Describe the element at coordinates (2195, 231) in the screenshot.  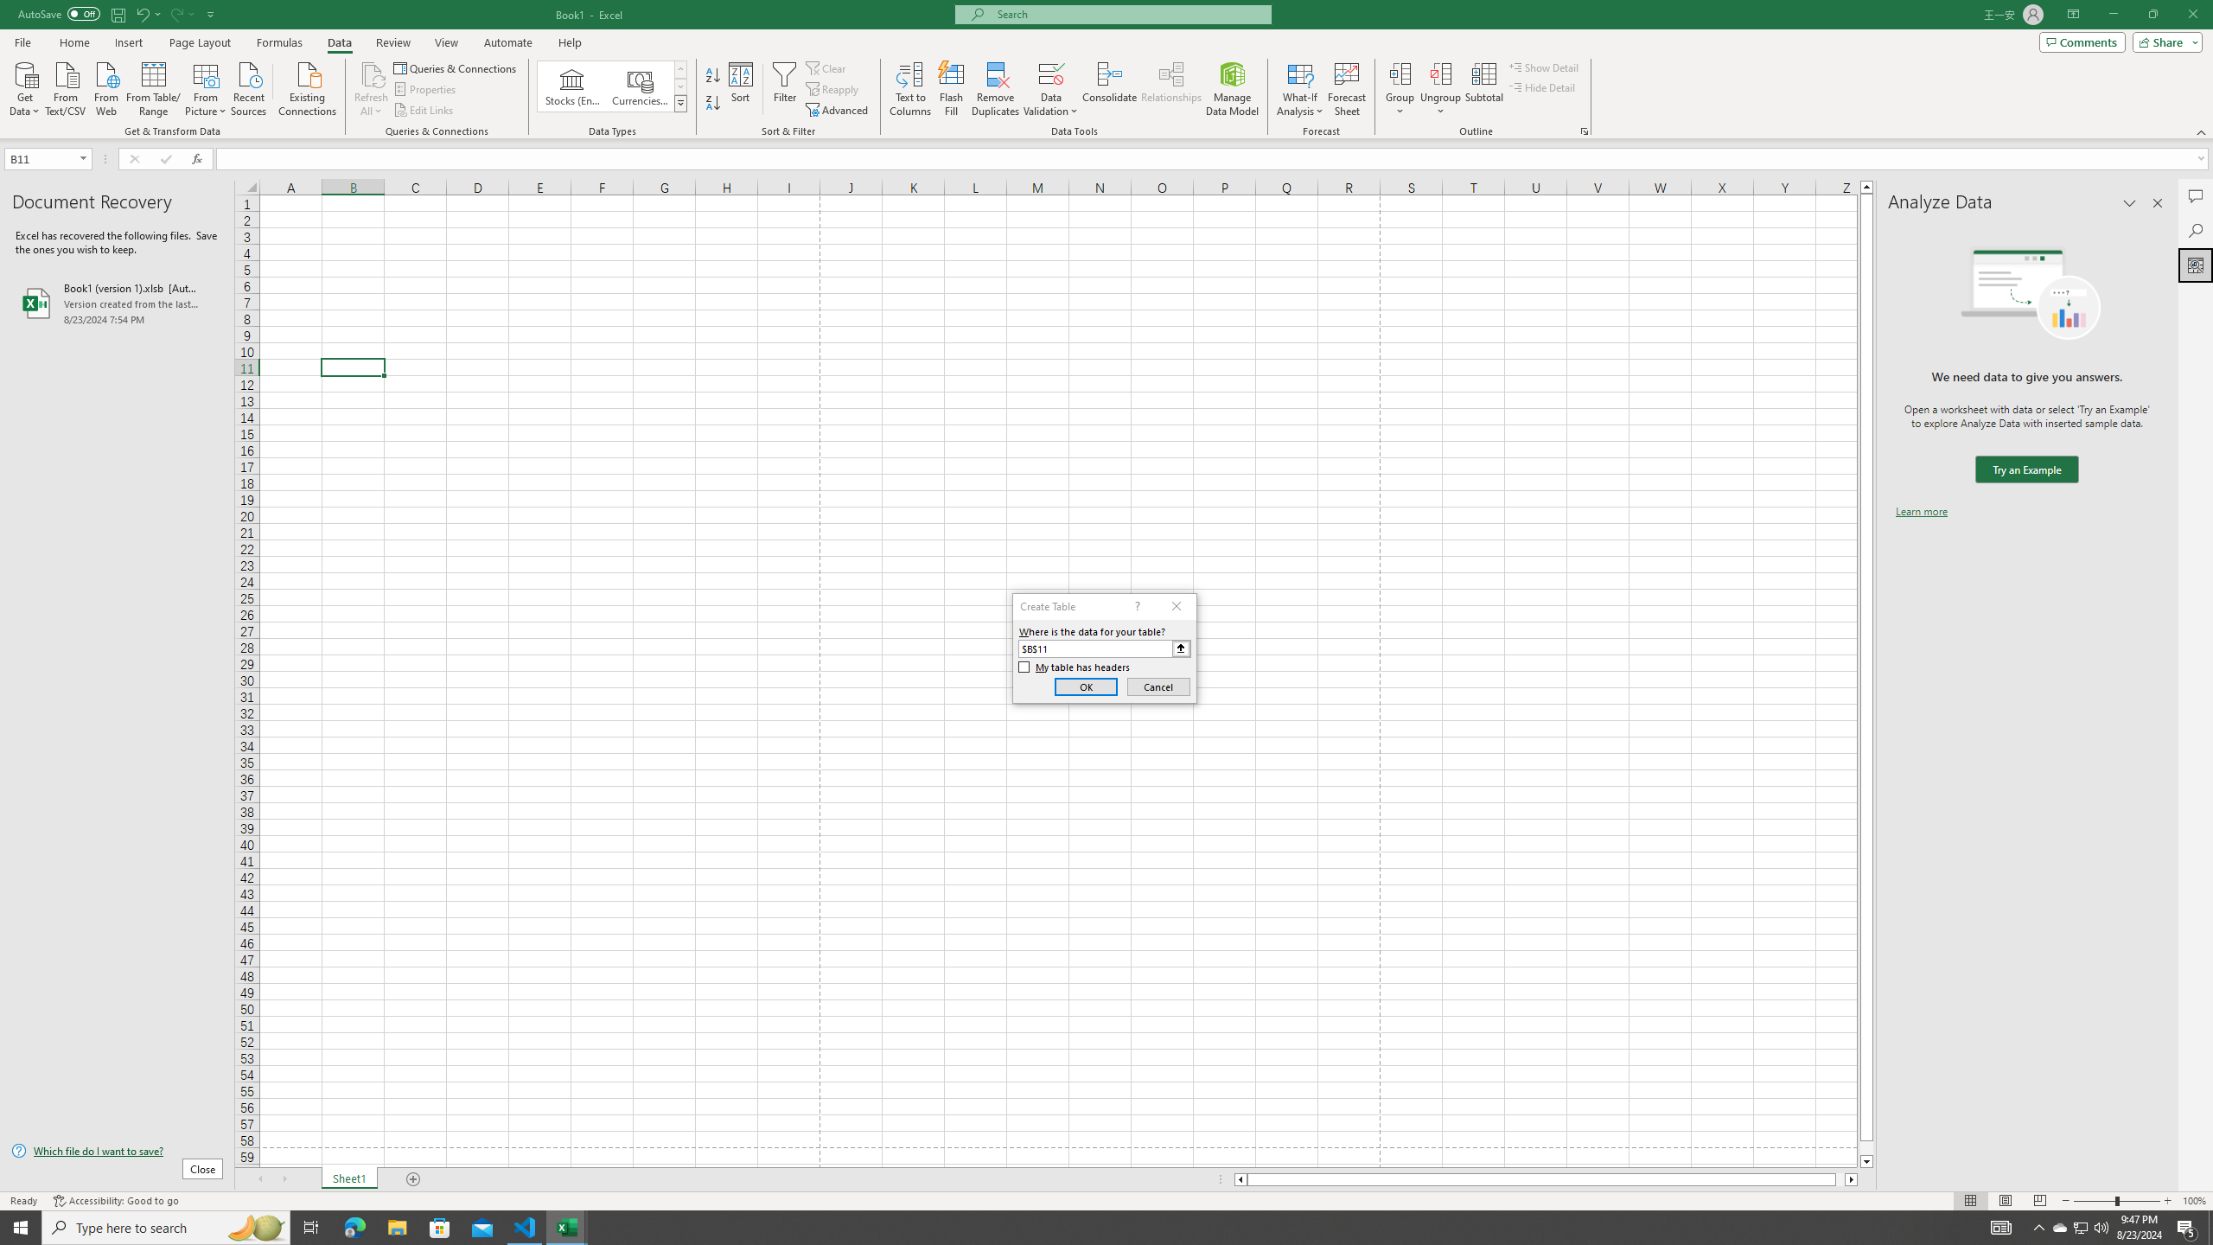
I see `'Search'` at that location.